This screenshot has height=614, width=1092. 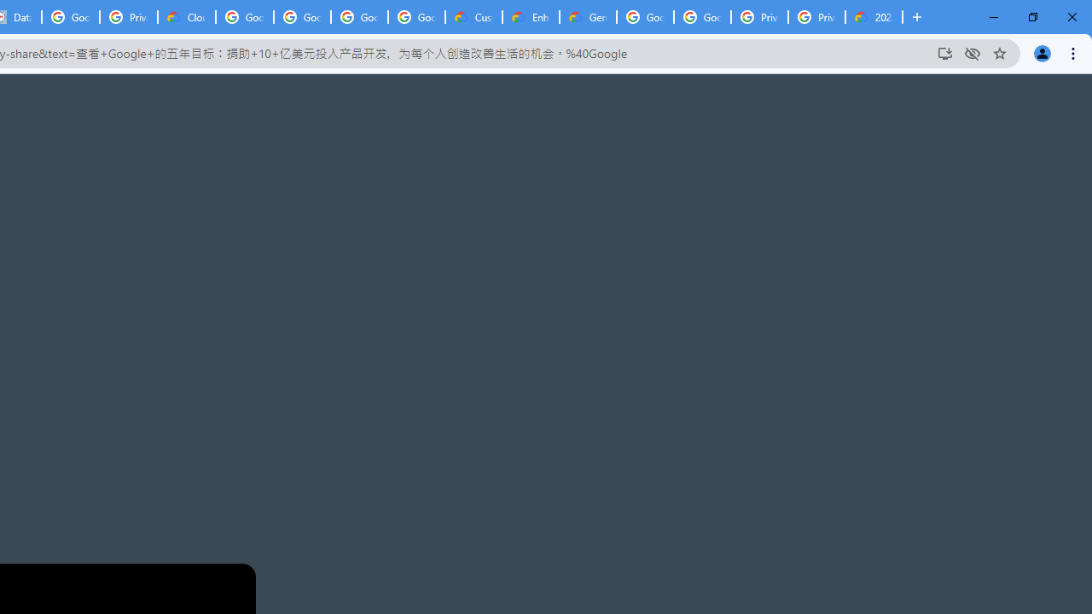 What do you see at coordinates (588, 17) in the screenshot?
I see `'Gemini for Business and Developers | Google Cloud'` at bounding box center [588, 17].